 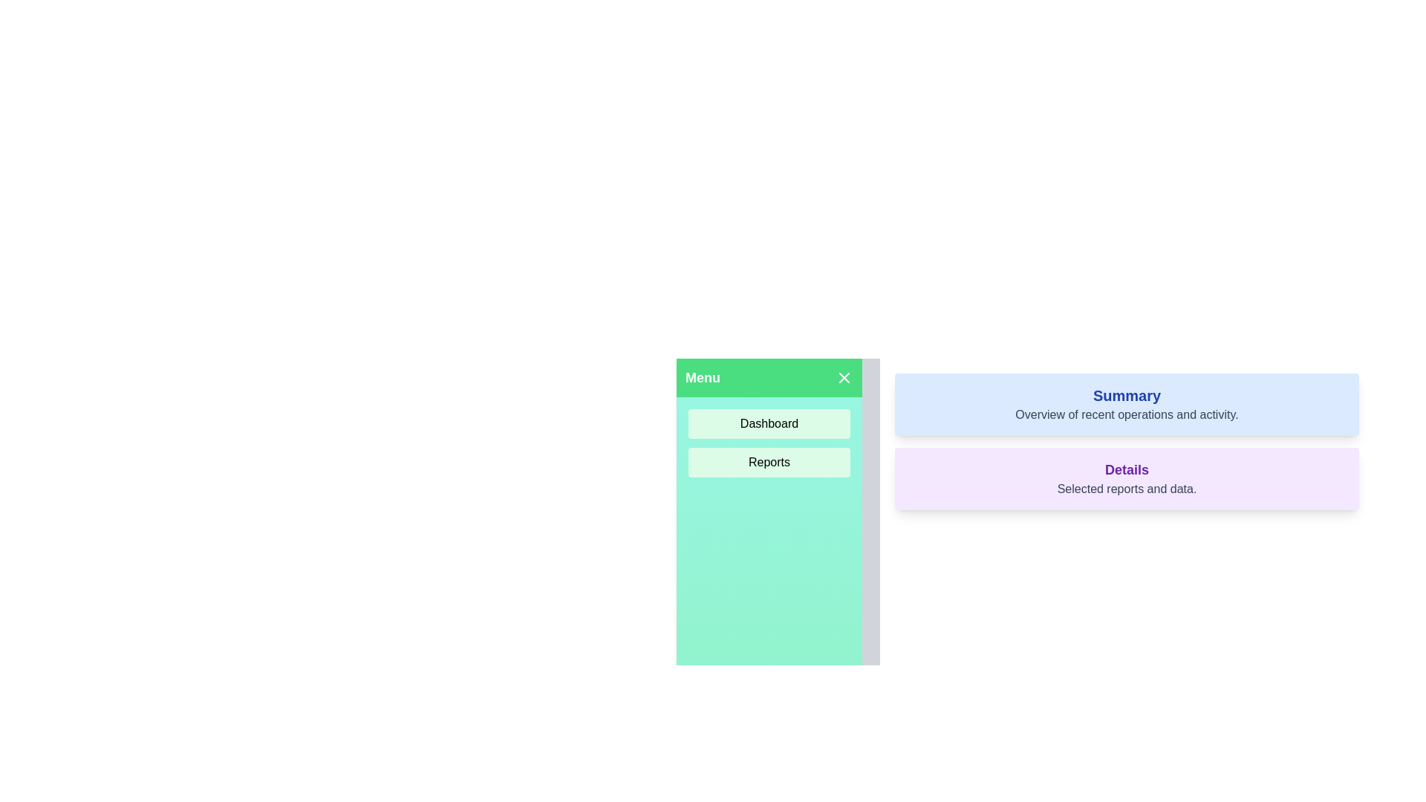 I want to click on the summary display area on the right side of the interface, positioned above the 'Details' component, to interact with the context menu, so click(x=1127, y=404).